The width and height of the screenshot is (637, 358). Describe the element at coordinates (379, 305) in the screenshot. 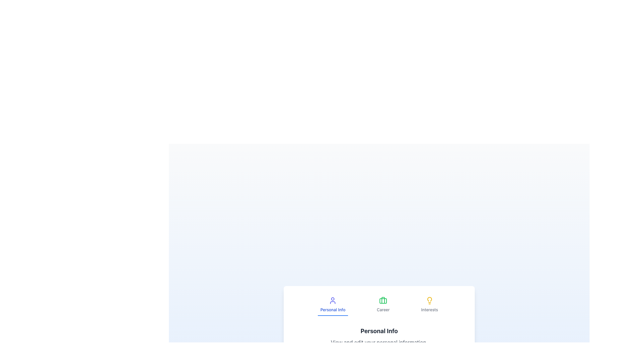

I see `on the tab in the Tab Navigation Bar that allows switching between sections labeled 'Personal Info', 'Career', and 'Interests'` at that location.